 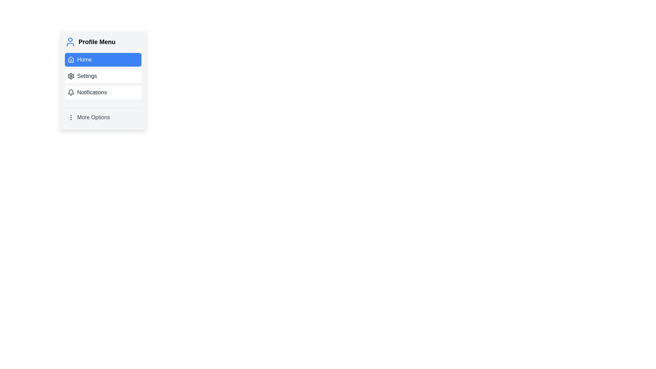 What do you see at coordinates (103, 42) in the screenshot?
I see `the 'Profile Menu' text element, which features bold black text and a blue user silhouette icon, located at the top of the menu layout` at bounding box center [103, 42].